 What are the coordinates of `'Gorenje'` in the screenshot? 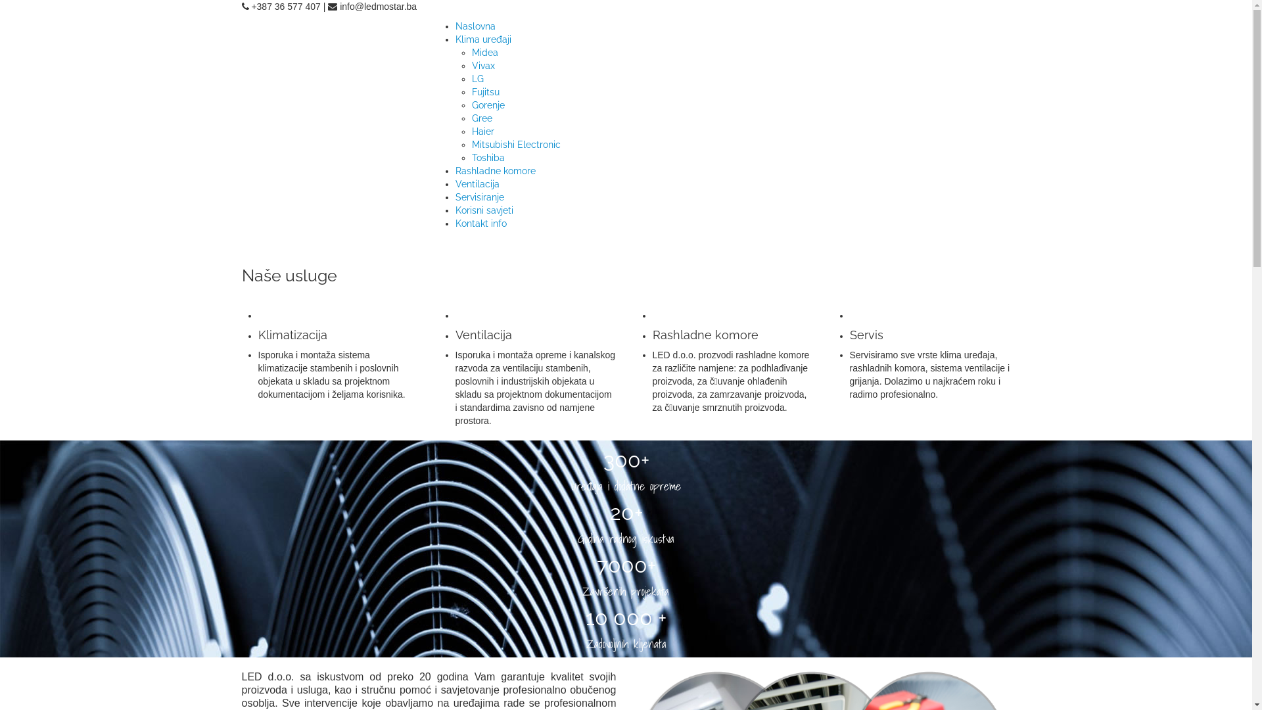 It's located at (488, 104).